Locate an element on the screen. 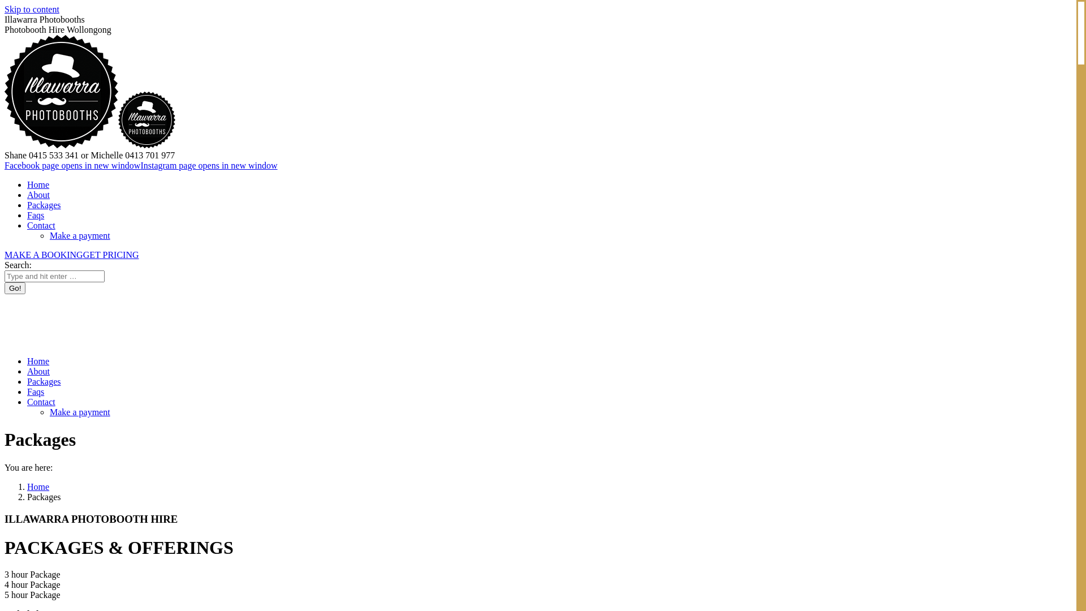  'Make a payment' is located at coordinates (79, 412).